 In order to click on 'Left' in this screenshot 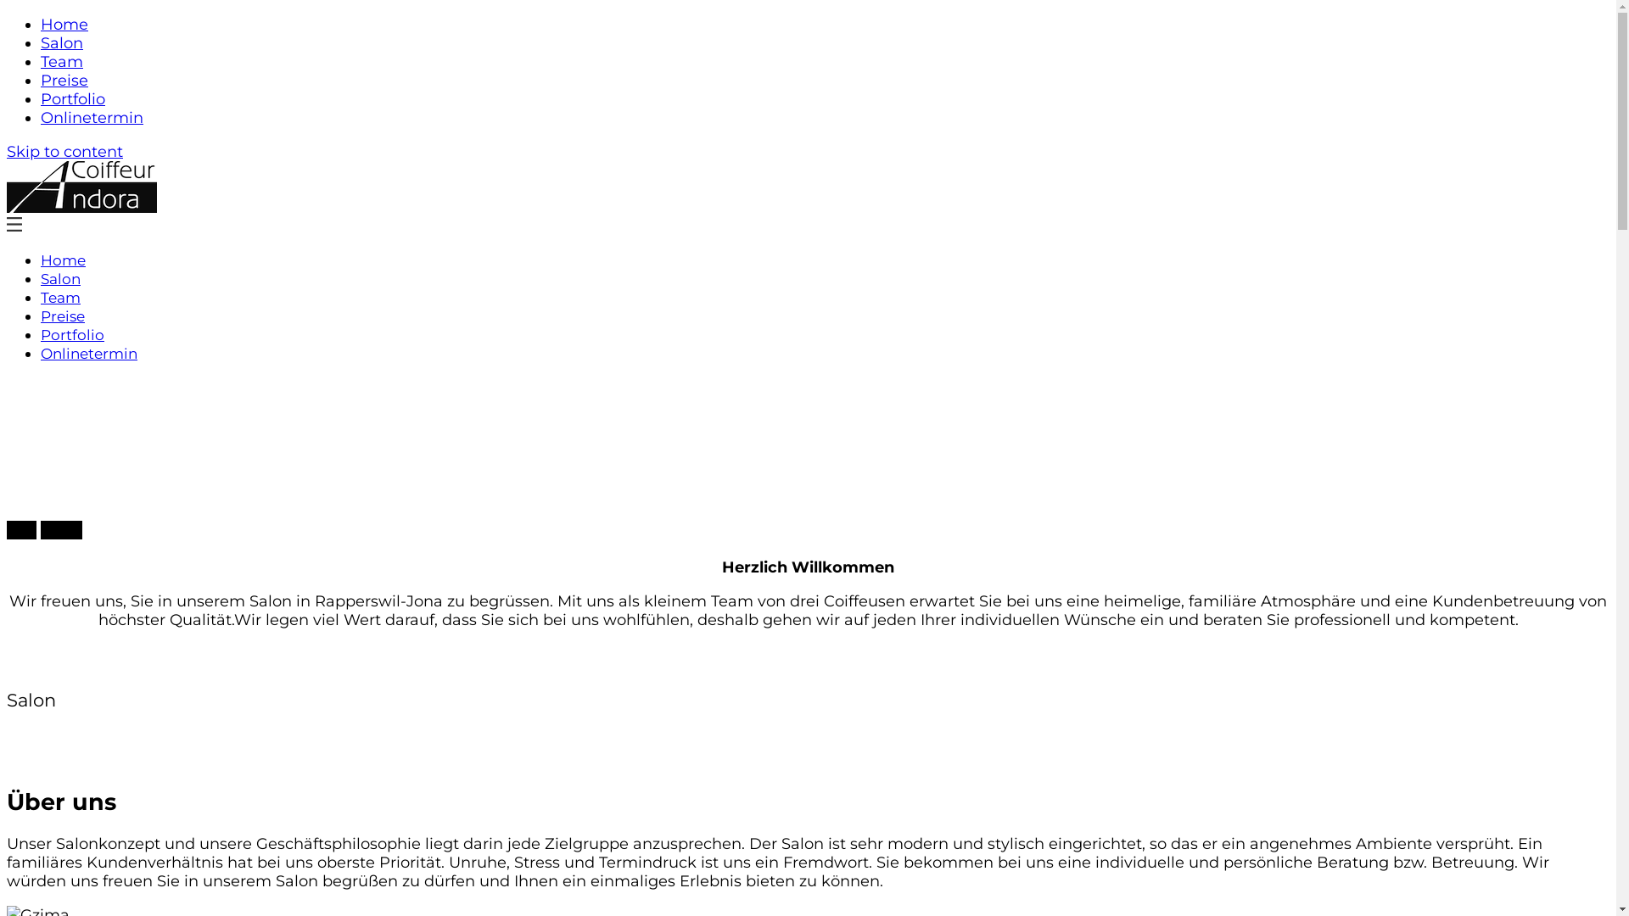, I will do `click(7, 528)`.